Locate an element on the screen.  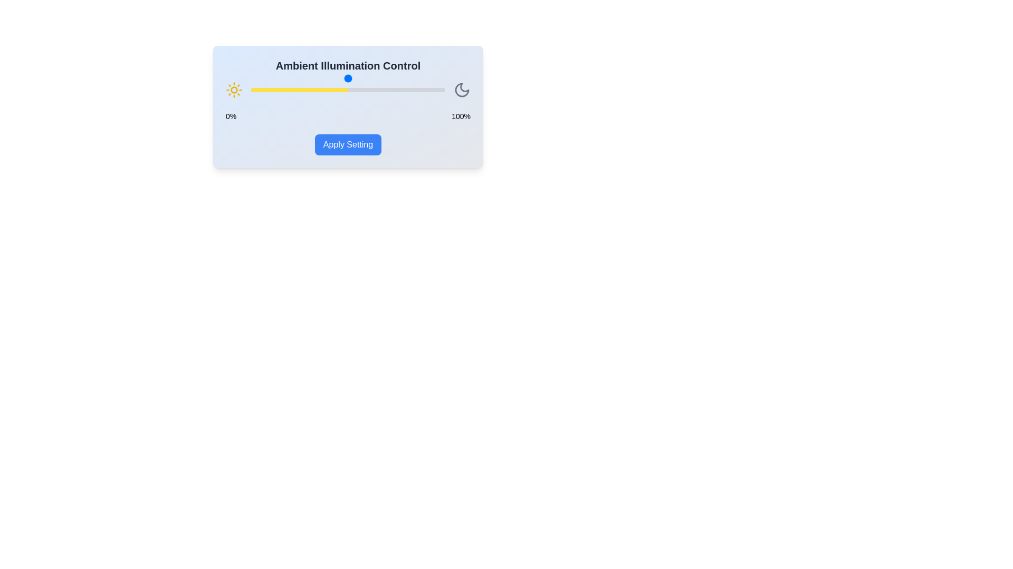
the slider to set the illumination level to 36% is located at coordinates (320, 89).